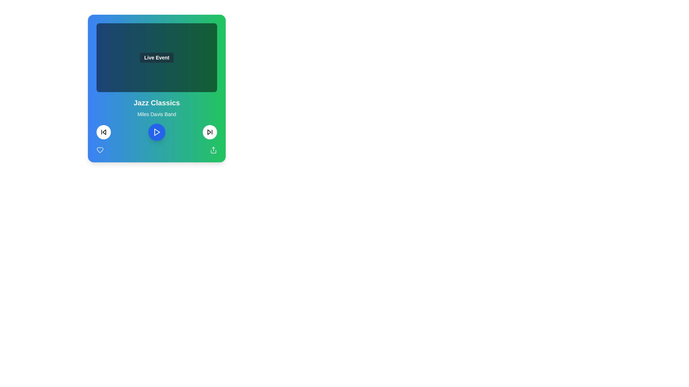  What do you see at coordinates (156, 57) in the screenshot?
I see `the 'Live Event' label located in the upper section of the card above 'Jazz Classics' and 'Miles Davis Band'` at bounding box center [156, 57].